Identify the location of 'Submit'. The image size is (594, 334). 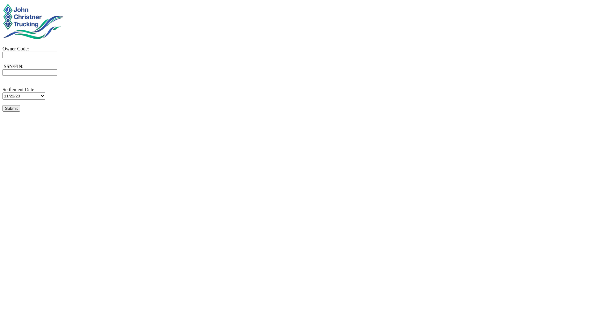
(11, 108).